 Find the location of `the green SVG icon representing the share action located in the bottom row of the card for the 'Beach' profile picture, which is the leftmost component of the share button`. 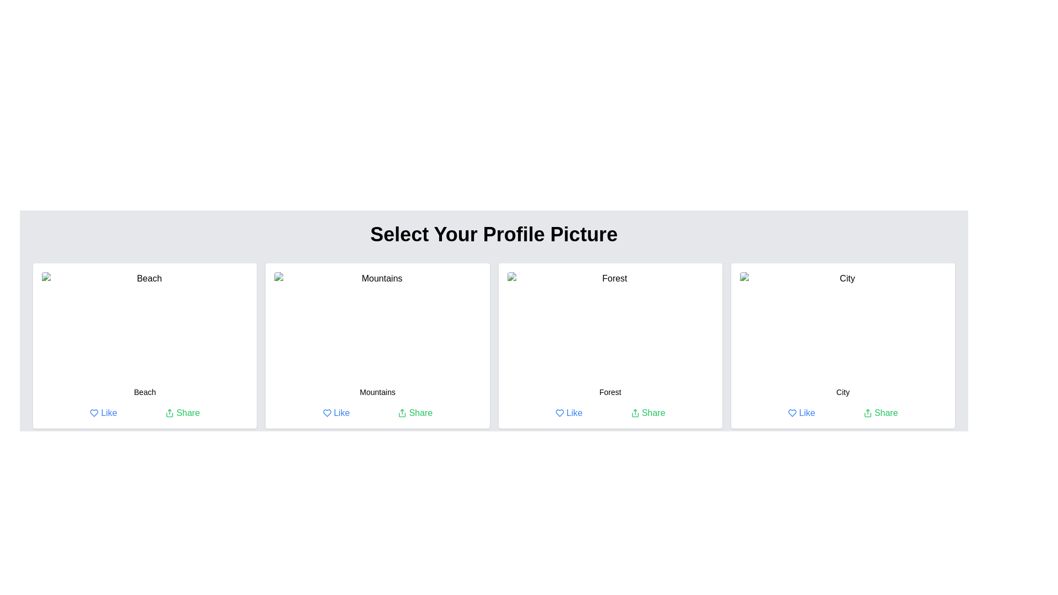

the green SVG icon representing the share action located in the bottom row of the card for the 'Beach' profile picture, which is the leftmost component of the share button is located at coordinates (169, 413).